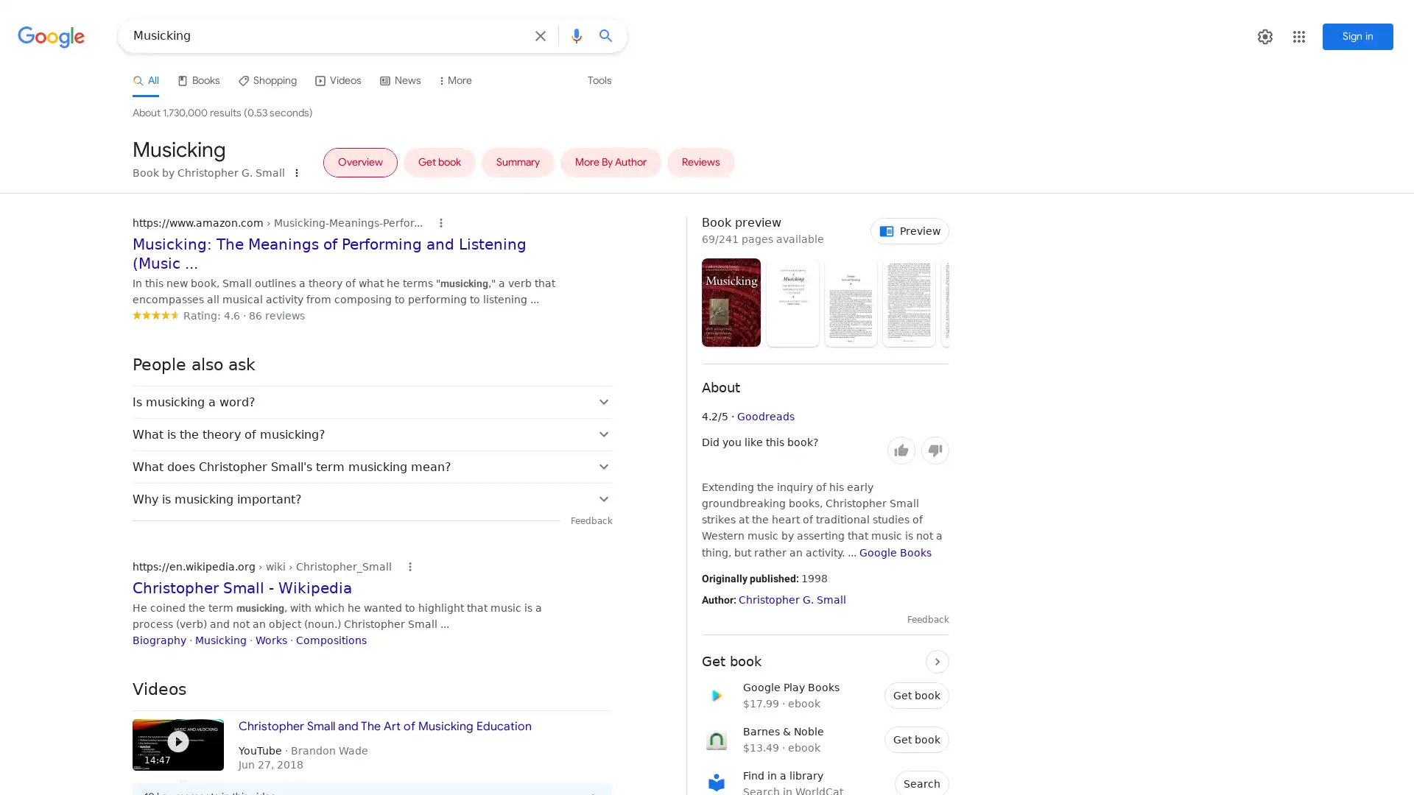 Image resolution: width=1414 pixels, height=795 pixels. What do you see at coordinates (372, 498) in the screenshot?
I see `Why is musicking important?` at bounding box center [372, 498].